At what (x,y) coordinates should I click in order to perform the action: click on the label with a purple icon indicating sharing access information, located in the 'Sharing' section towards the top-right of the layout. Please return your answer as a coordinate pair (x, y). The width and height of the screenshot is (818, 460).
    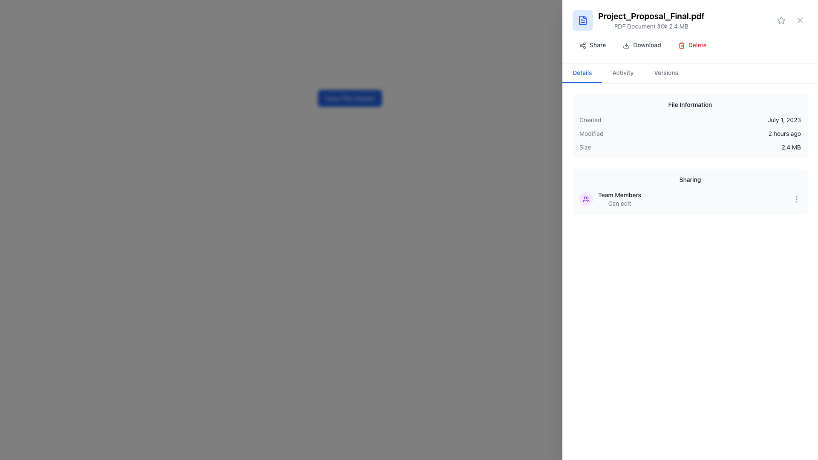
    Looking at the image, I should click on (610, 199).